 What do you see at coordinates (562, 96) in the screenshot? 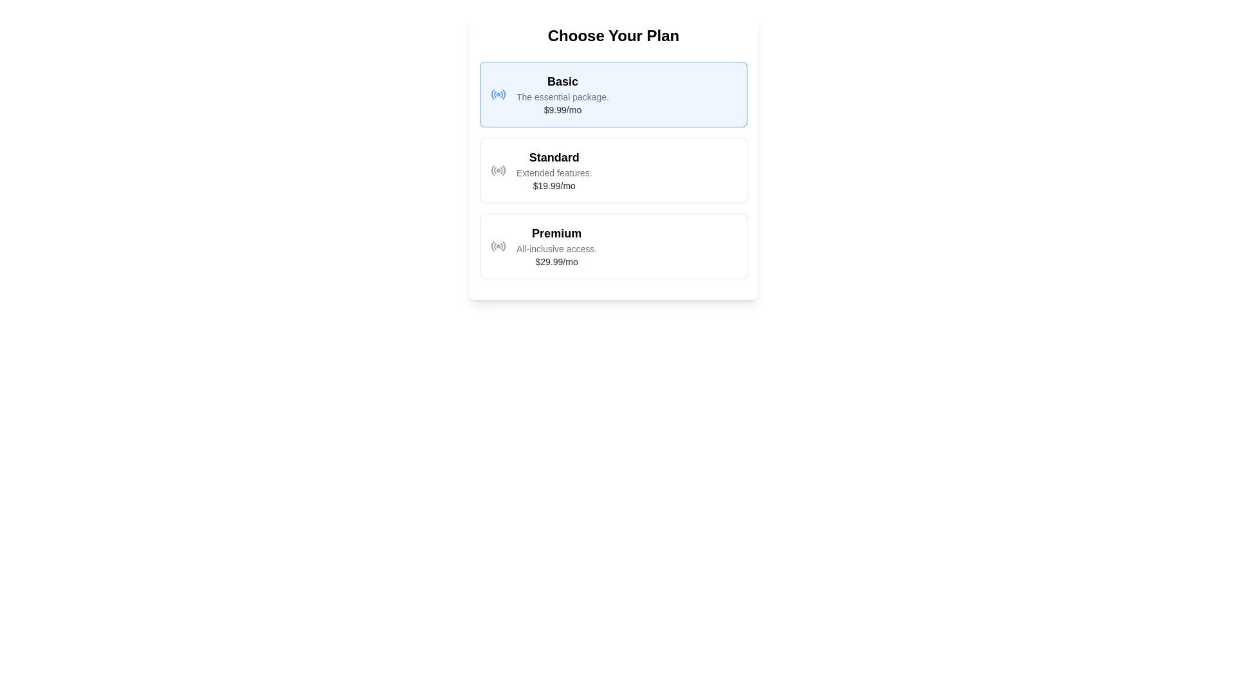
I see `the Text label that describes the 'Basic' plan, which summarizes its features as 'The essential package.'` at bounding box center [562, 96].